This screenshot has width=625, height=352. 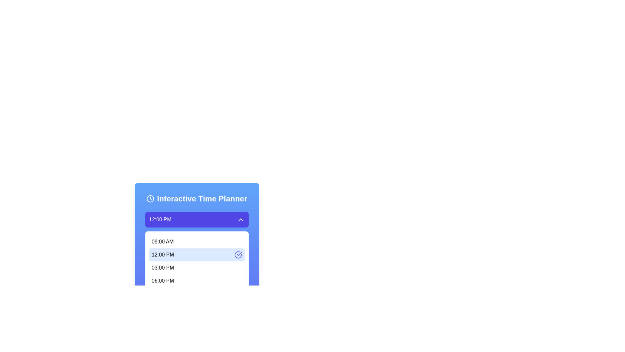 What do you see at coordinates (240, 220) in the screenshot?
I see `the upward-facing chevron icon located on the right side of the '12:00 PM' button` at bounding box center [240, 220].